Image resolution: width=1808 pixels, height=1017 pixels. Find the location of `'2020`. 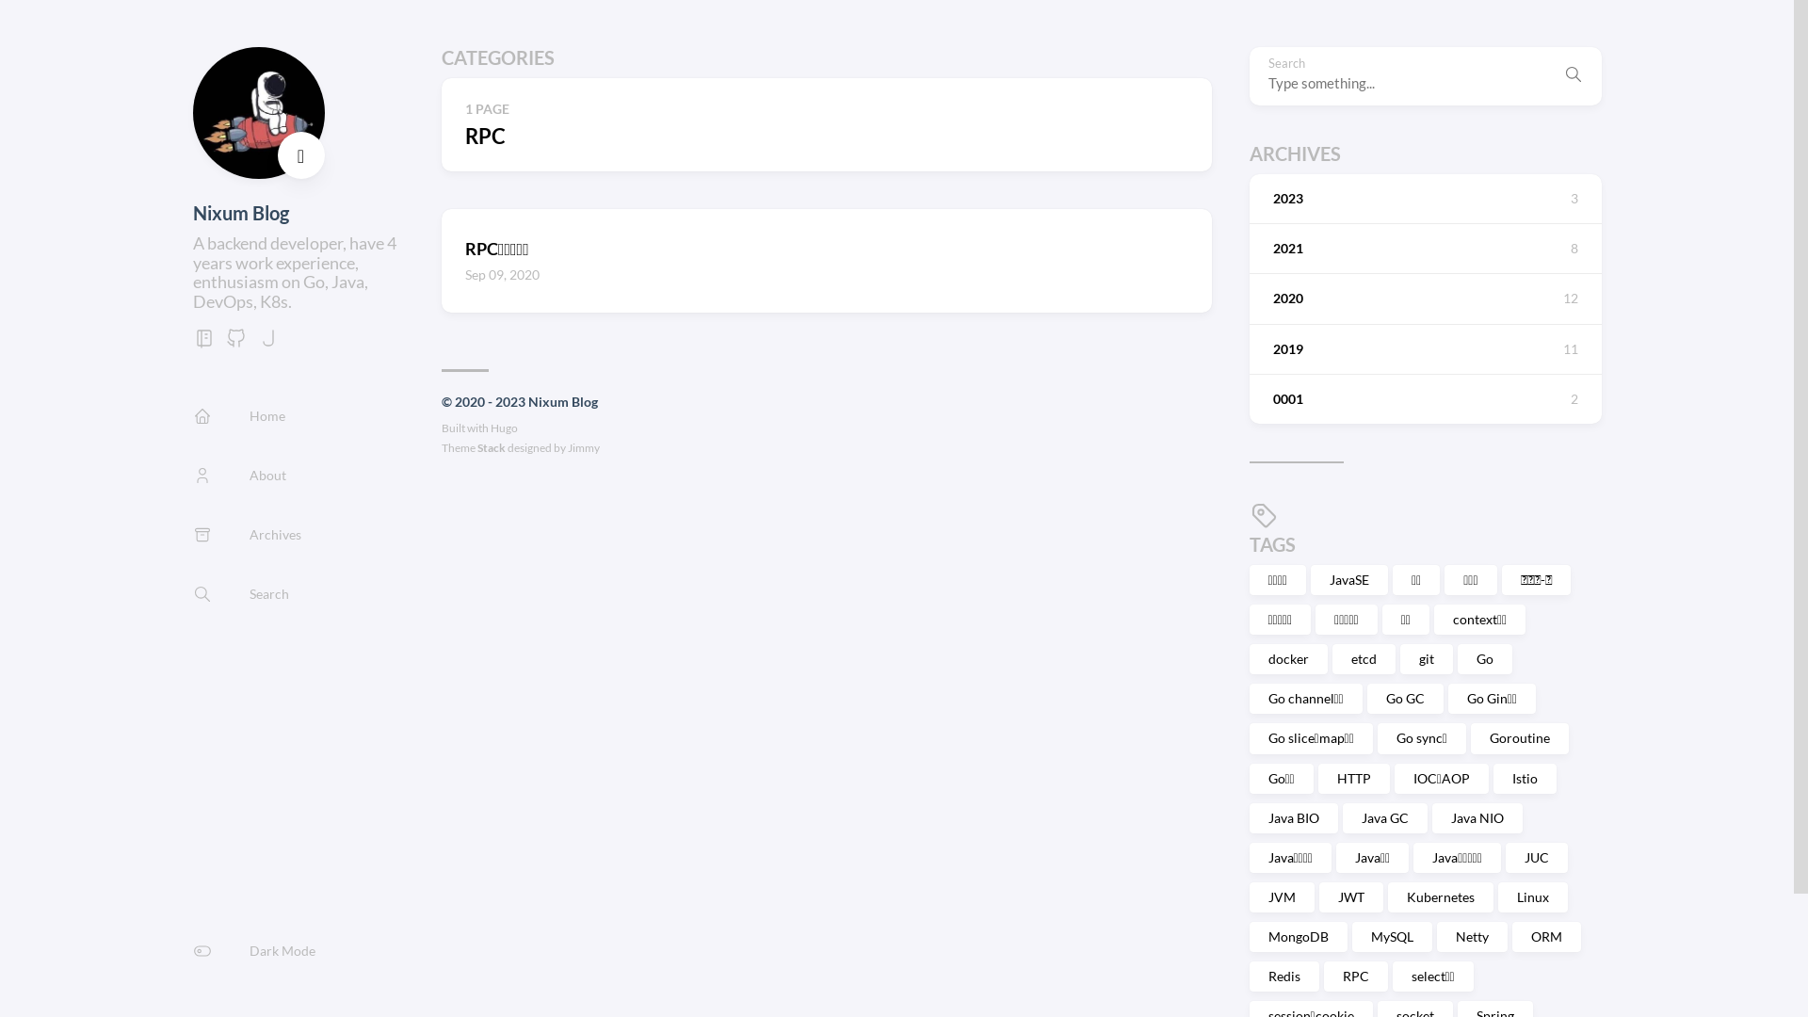

'2020 is located at coordinates (1424, 297).